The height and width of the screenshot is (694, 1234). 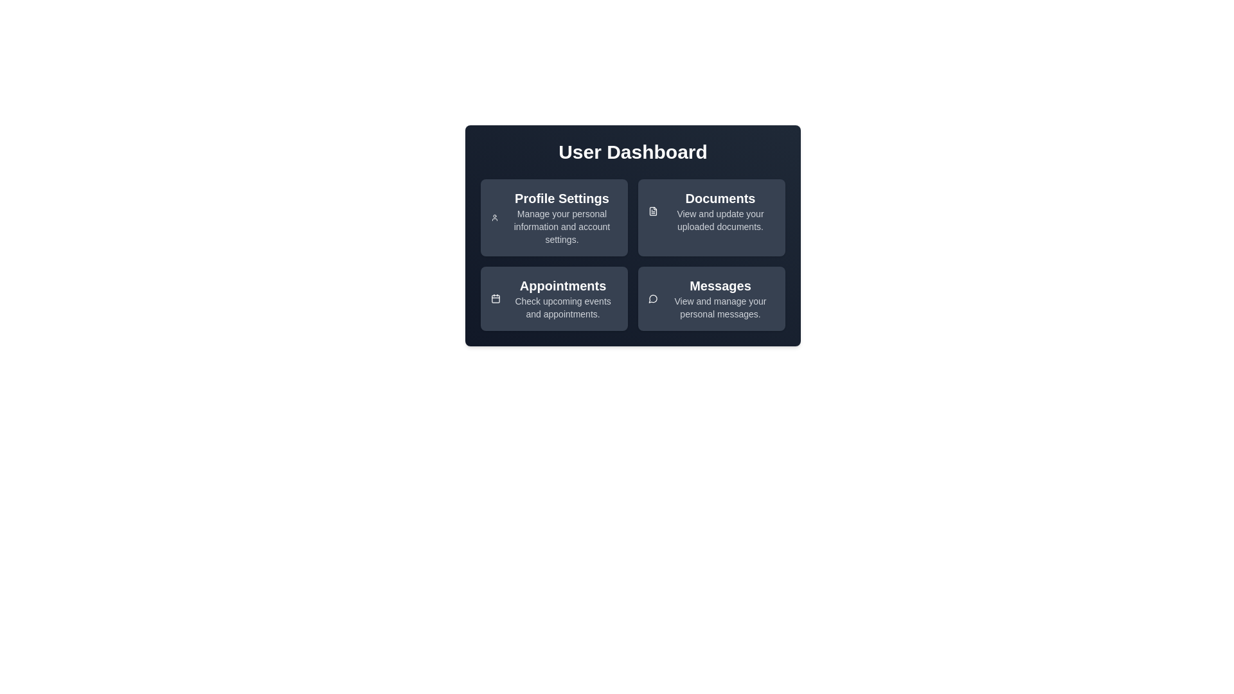 I want to click on the icon of the Messages card, so click(x=653, y=299).